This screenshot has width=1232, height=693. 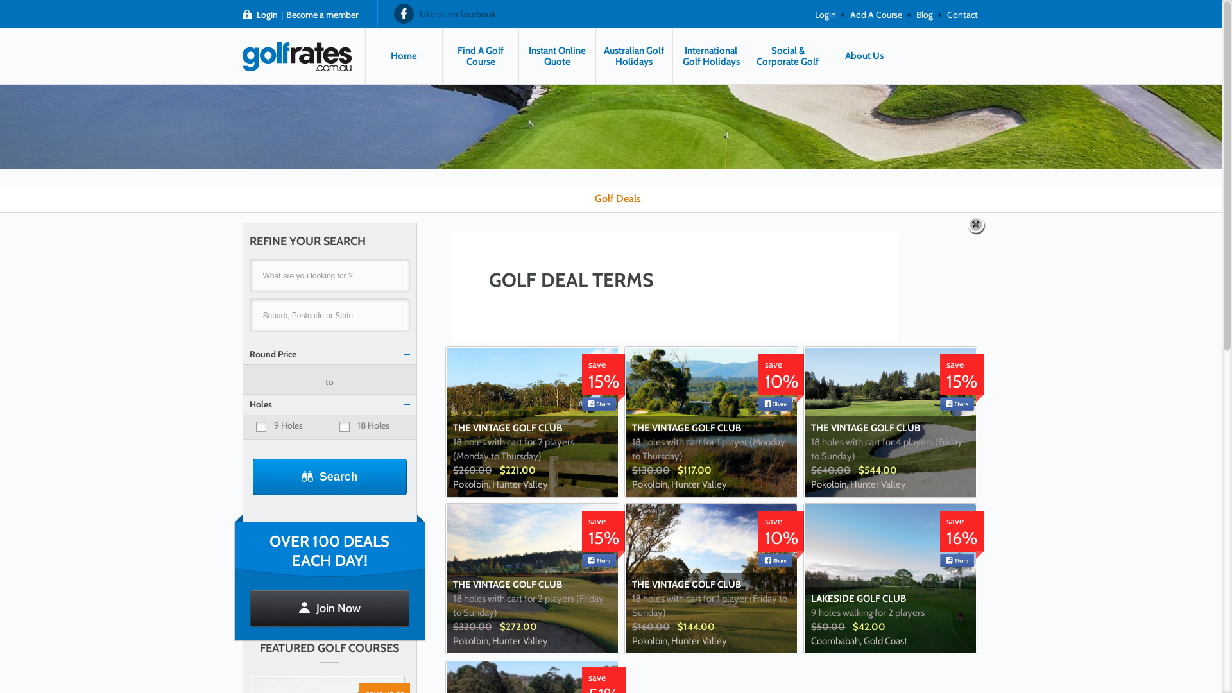 What do you see at coordinates (976, 225) in the screenshot?
I see `'Close X'` at bounding box center [976, 225].